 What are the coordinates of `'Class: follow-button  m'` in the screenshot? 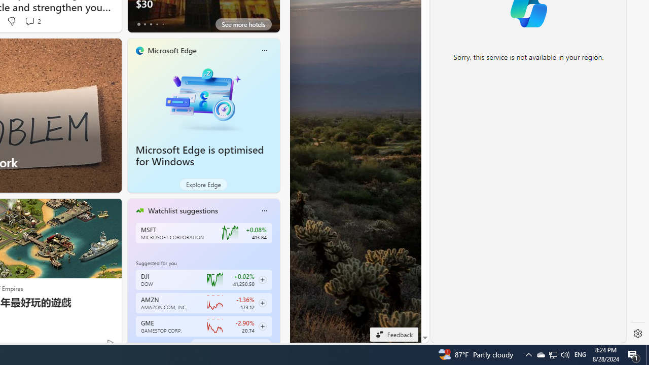 It's located at (262, 326).